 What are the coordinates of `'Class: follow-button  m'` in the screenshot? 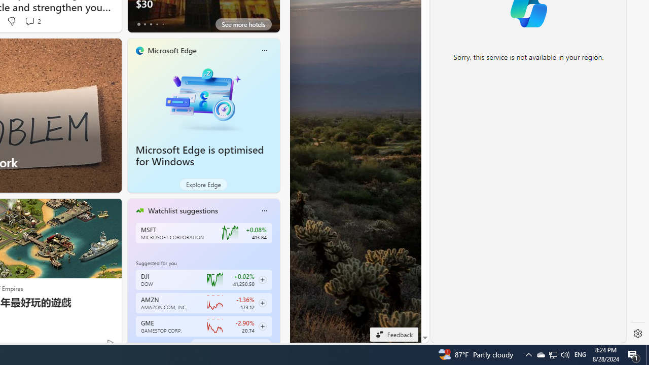 It's located at (262, 326).